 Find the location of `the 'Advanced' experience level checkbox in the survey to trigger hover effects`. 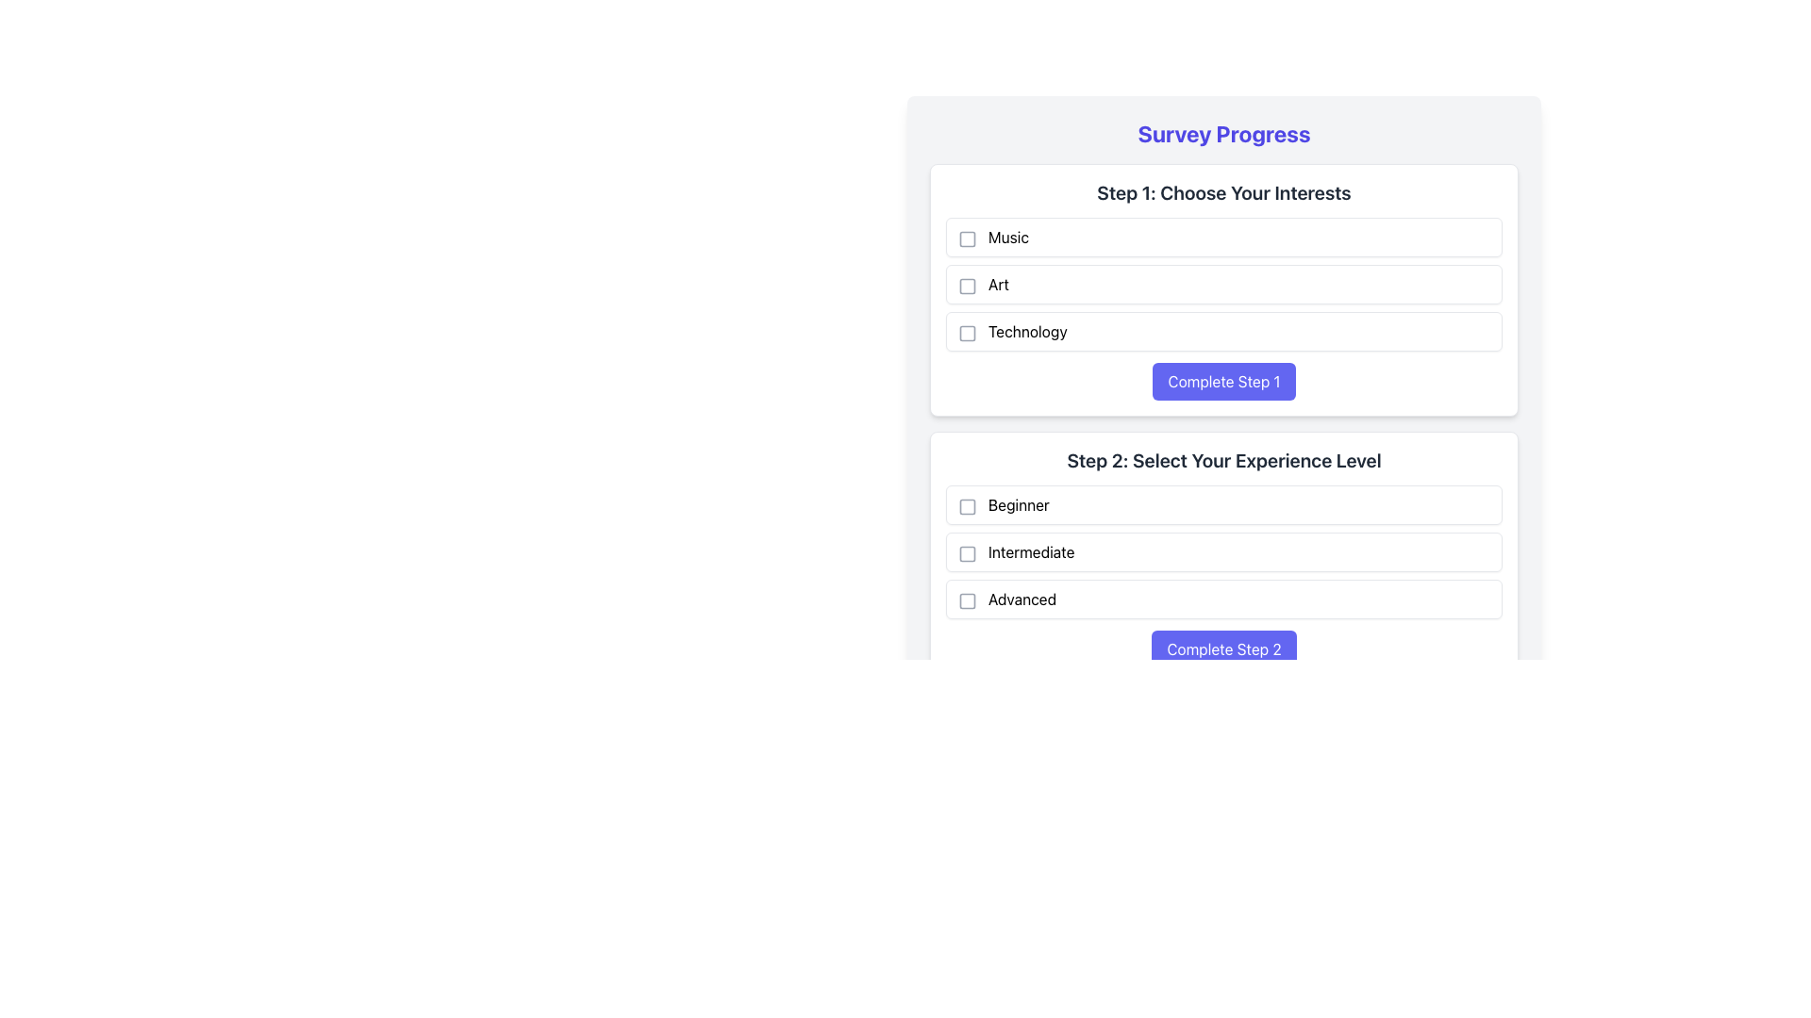

the 'Advanced' experience level checkbox in the survey to trigger hover effects is located at coordinates (1223, 599).